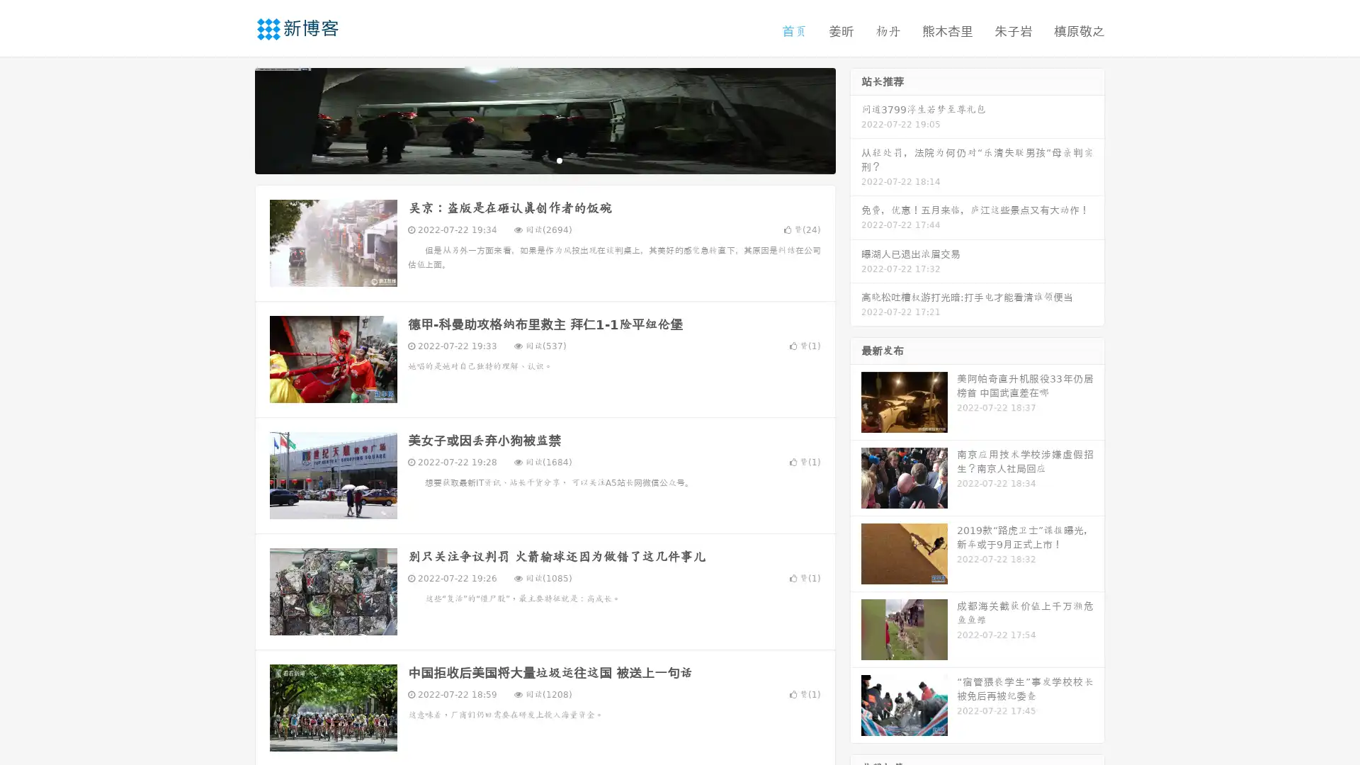  Describe the element at coordinates (856, 119) in the screenshot. I see `Next slide` at that location.